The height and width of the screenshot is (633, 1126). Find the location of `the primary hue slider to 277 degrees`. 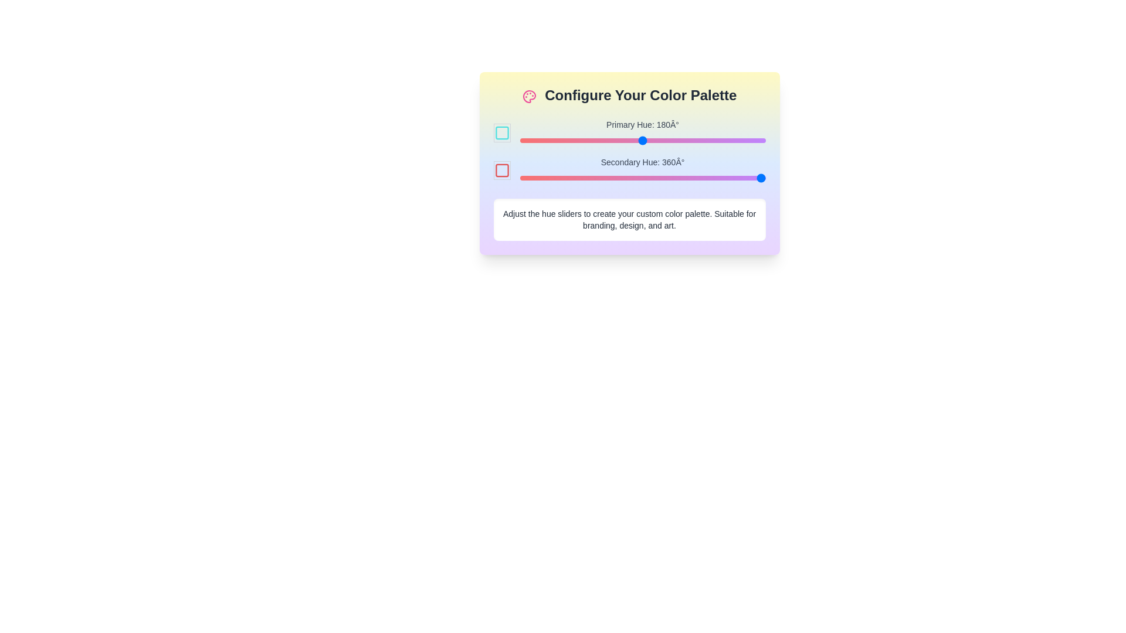

the primary hue slider to 277 degrees is located at coordinates (708, 139).